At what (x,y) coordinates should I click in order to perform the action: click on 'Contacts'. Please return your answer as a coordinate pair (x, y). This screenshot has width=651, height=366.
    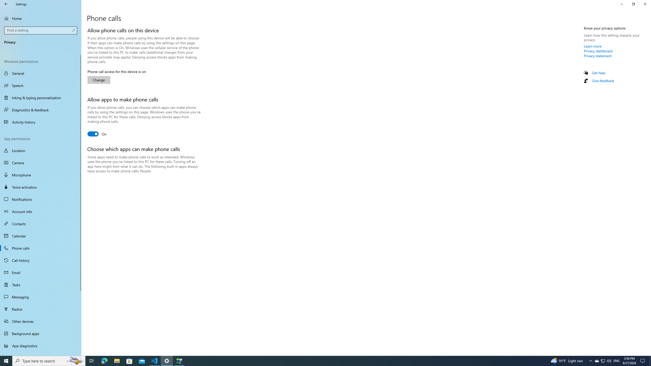
    Looking at the image, I should click on (40, 223).